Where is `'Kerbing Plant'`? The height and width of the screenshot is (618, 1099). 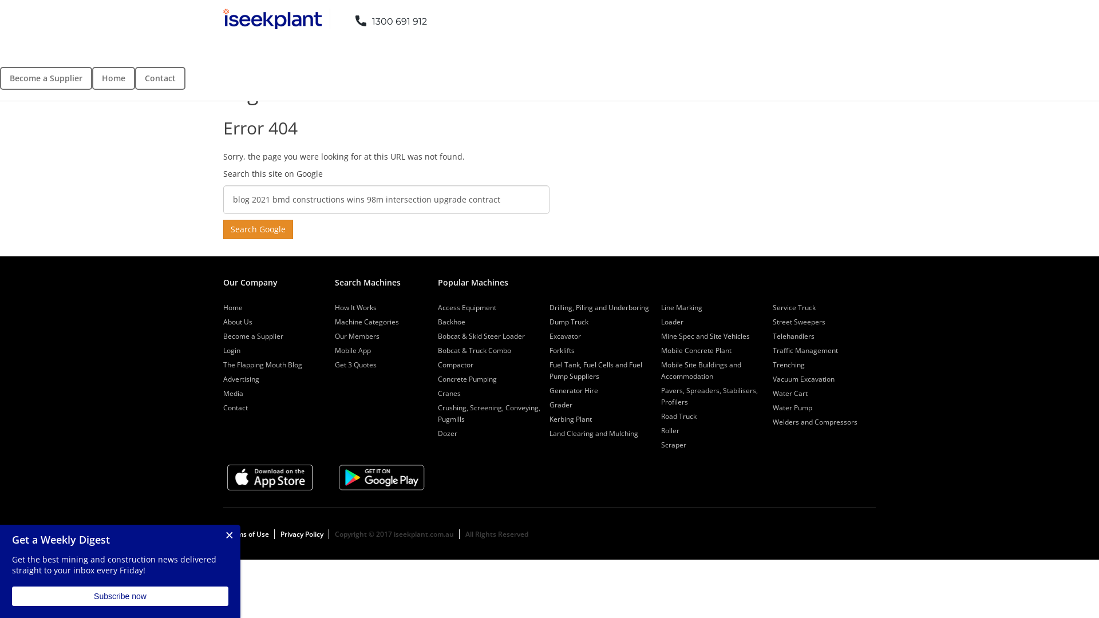
'Kerbing Plant' is located at coordinates (549, 419).